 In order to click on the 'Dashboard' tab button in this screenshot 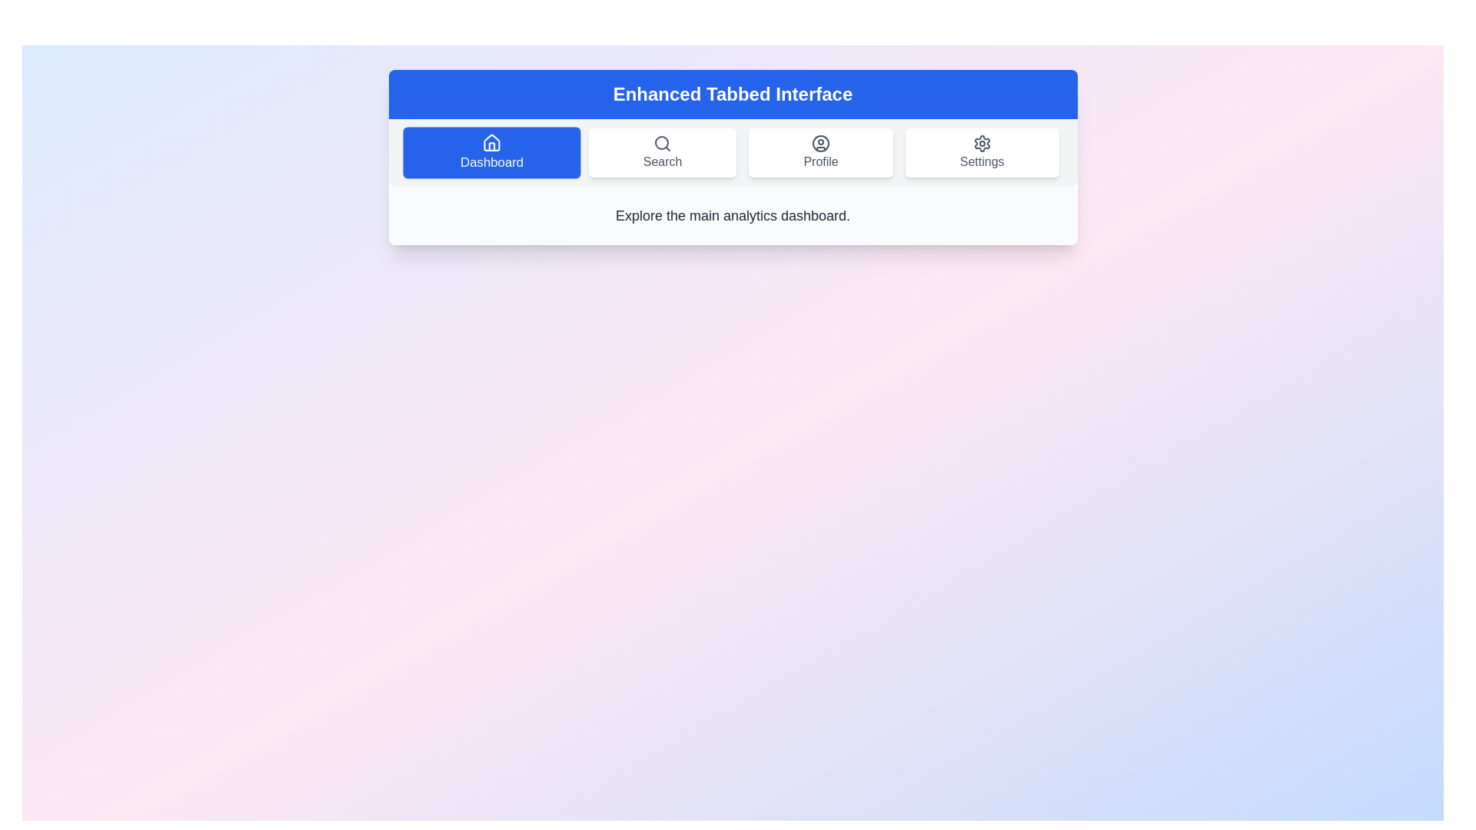, I will do `click(490, 153)`.